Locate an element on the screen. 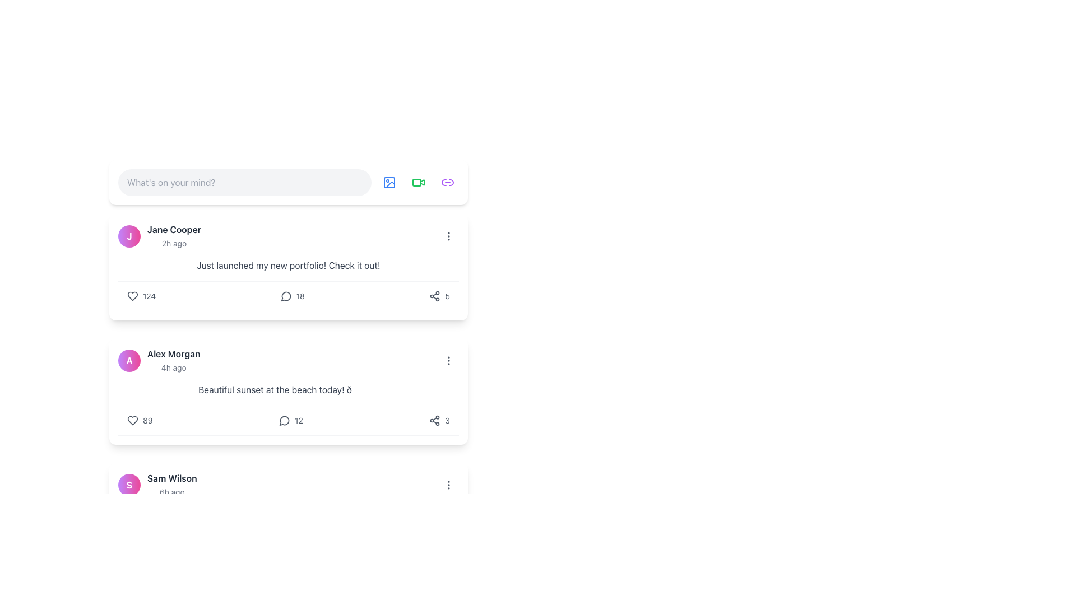  the overflow menu trigger button located at the bottom-right corner of Sam Wilson's card to activate the hover effect is located at coordinates (449, 485).